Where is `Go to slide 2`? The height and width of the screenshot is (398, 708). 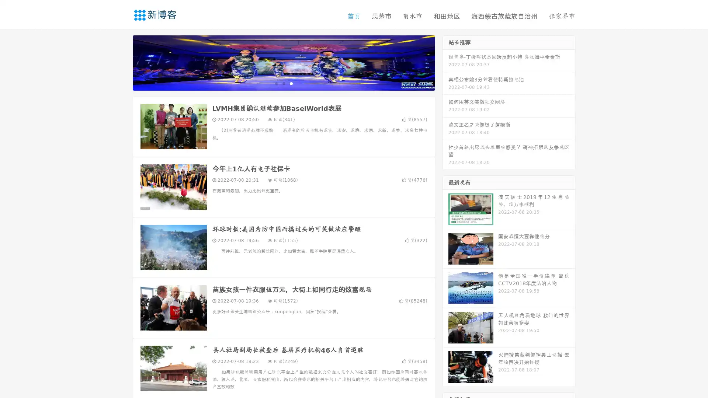
Go to slide 2 is located at coordinates (283, 83).